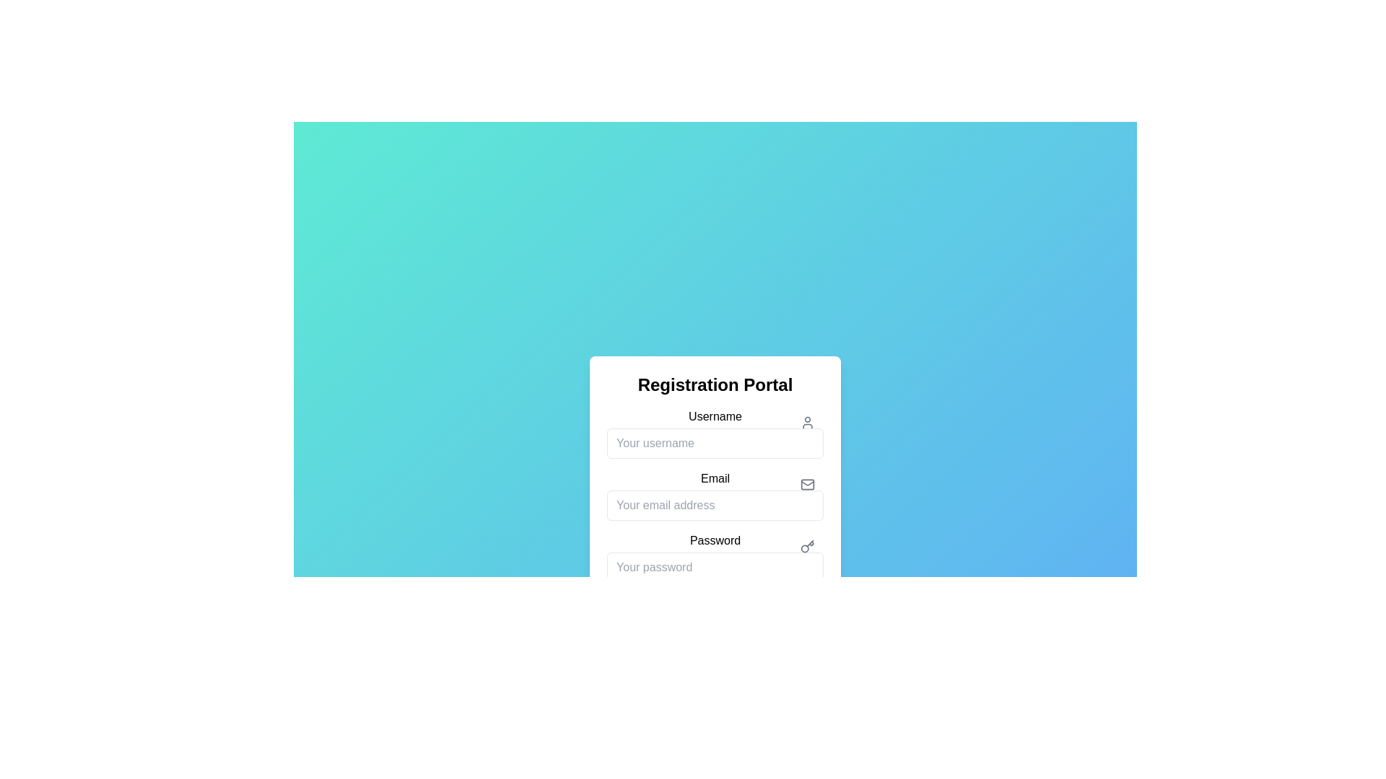 This screenshot has width=1386, height=779. What do you see at coordinates (715, 384) in the screenshot?
I see `the 'Registration Portal' text header, which is a bold, large title displayed at the top of the form, above the input fields` at bounding box center [715, 384].